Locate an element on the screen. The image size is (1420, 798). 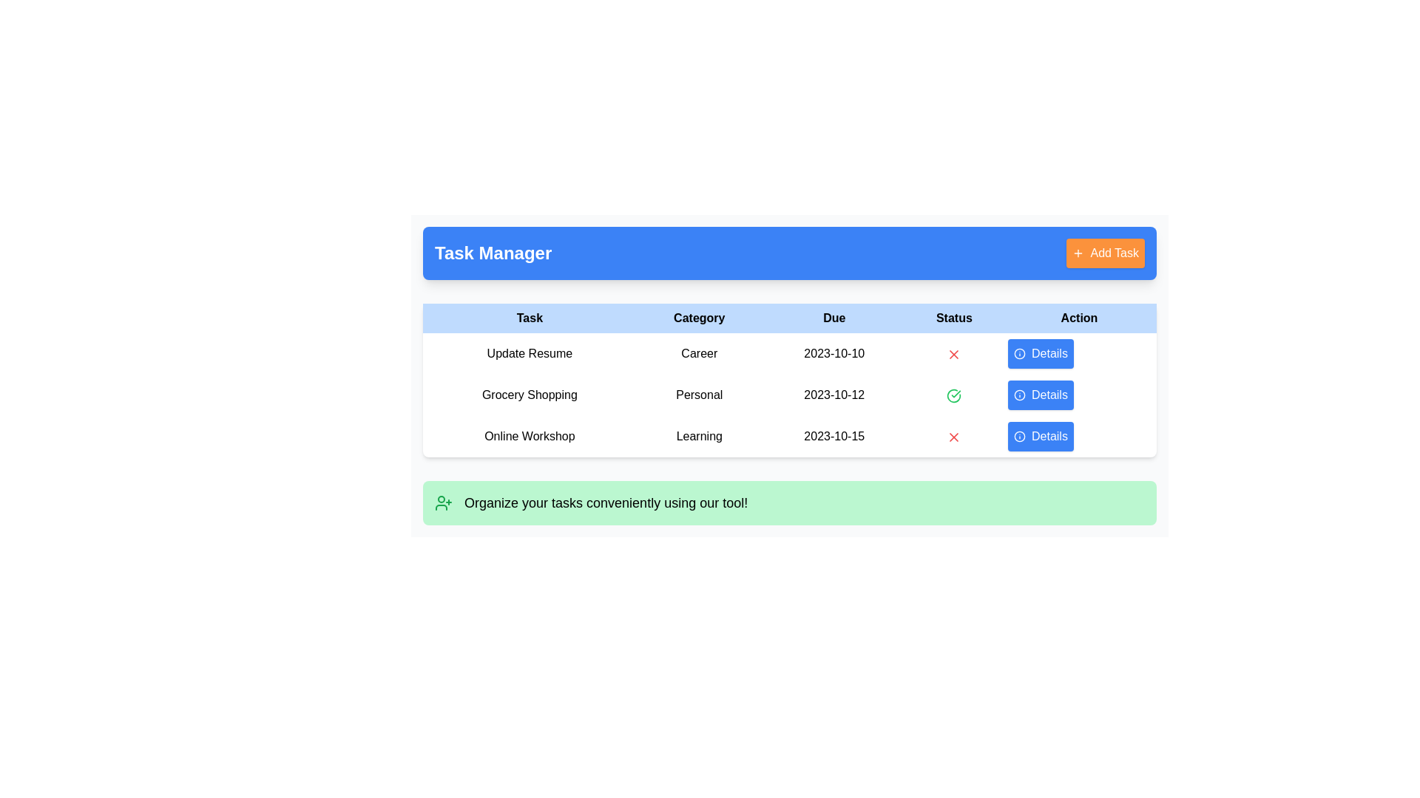
the 'Category' header label in the table, which is the second of five sibling items (Task, Category, Due, Status, Action) is located at coordinates (698, 318).